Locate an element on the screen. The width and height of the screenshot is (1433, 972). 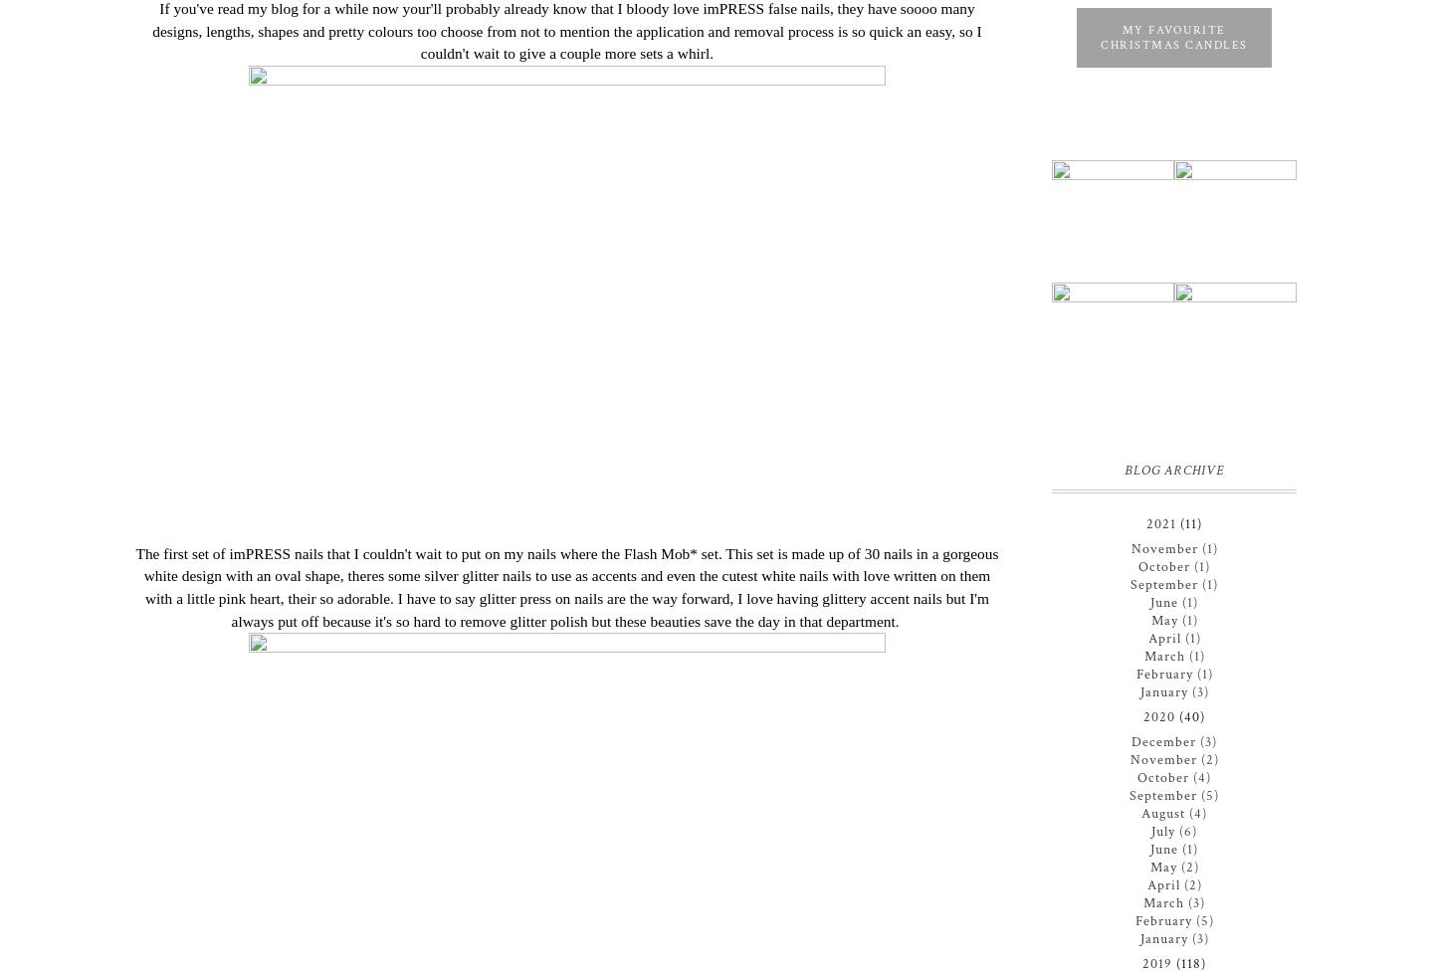
'Flash Mob* set.' is located at coordinates (622, 551).